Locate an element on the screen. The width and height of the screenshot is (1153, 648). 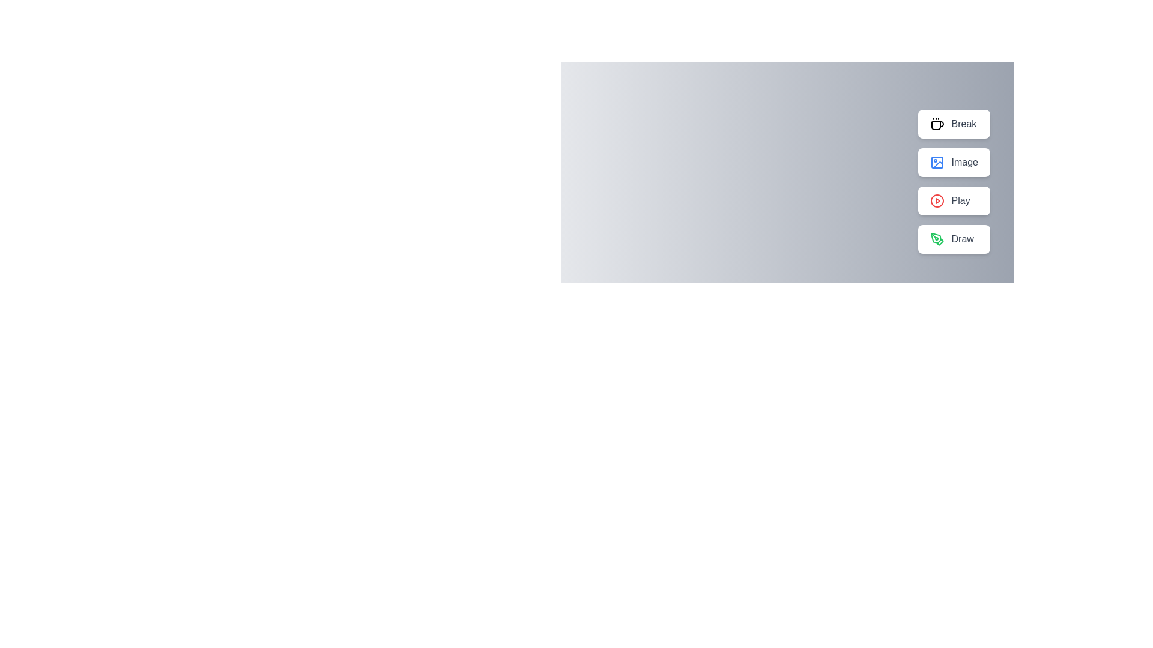
the action button labeled Draw to observe hover effects is located at coordinates (953, 239).